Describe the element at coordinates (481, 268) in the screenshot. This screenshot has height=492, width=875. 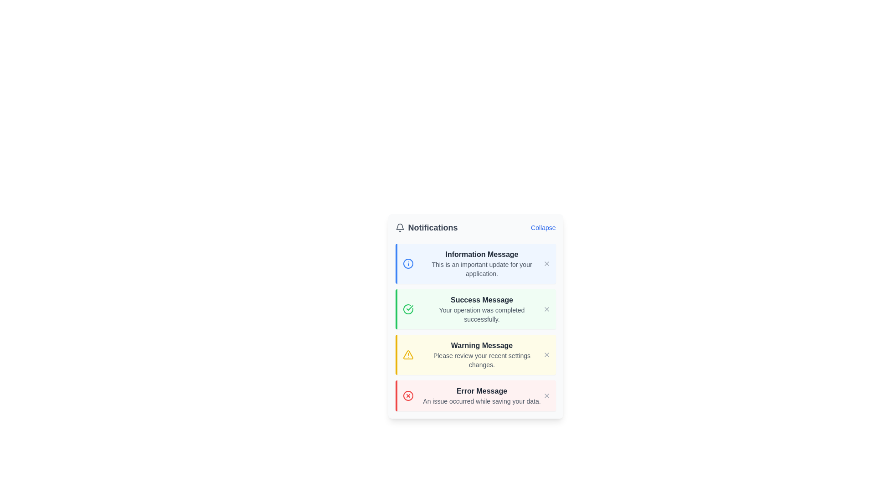
I see `static text field displaying the message 'This is an important update for your application.' which is centrally aligned below the 'Information Message' header` at that location.